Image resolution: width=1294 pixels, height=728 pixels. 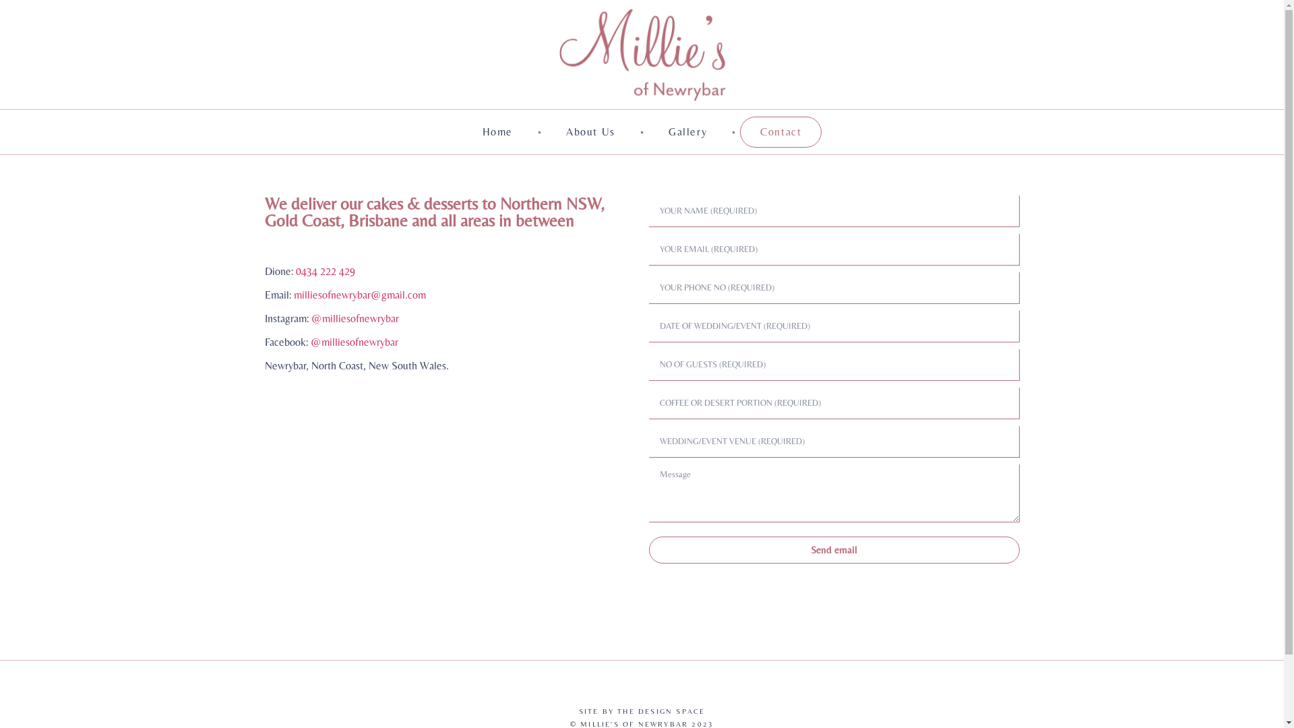 What do you see at coordinates (324, 271) in the screenshot?
I see `'0434 222 429'` at bounding box center [324, 271].